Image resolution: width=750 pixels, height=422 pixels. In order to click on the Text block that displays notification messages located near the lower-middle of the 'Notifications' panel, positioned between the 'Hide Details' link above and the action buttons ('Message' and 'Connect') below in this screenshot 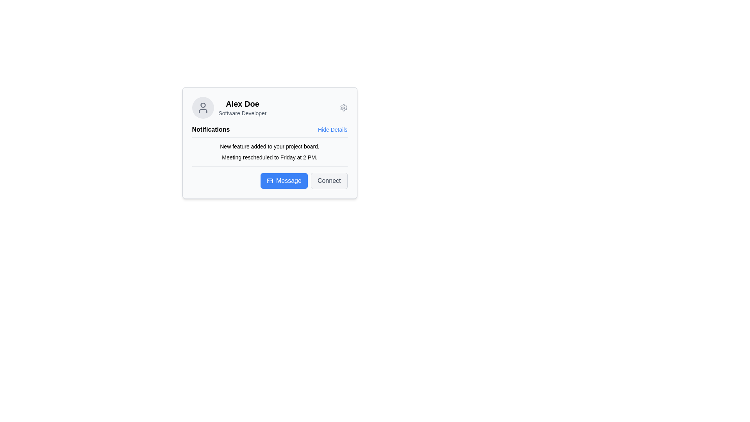, I will do `click(270, 152)`.